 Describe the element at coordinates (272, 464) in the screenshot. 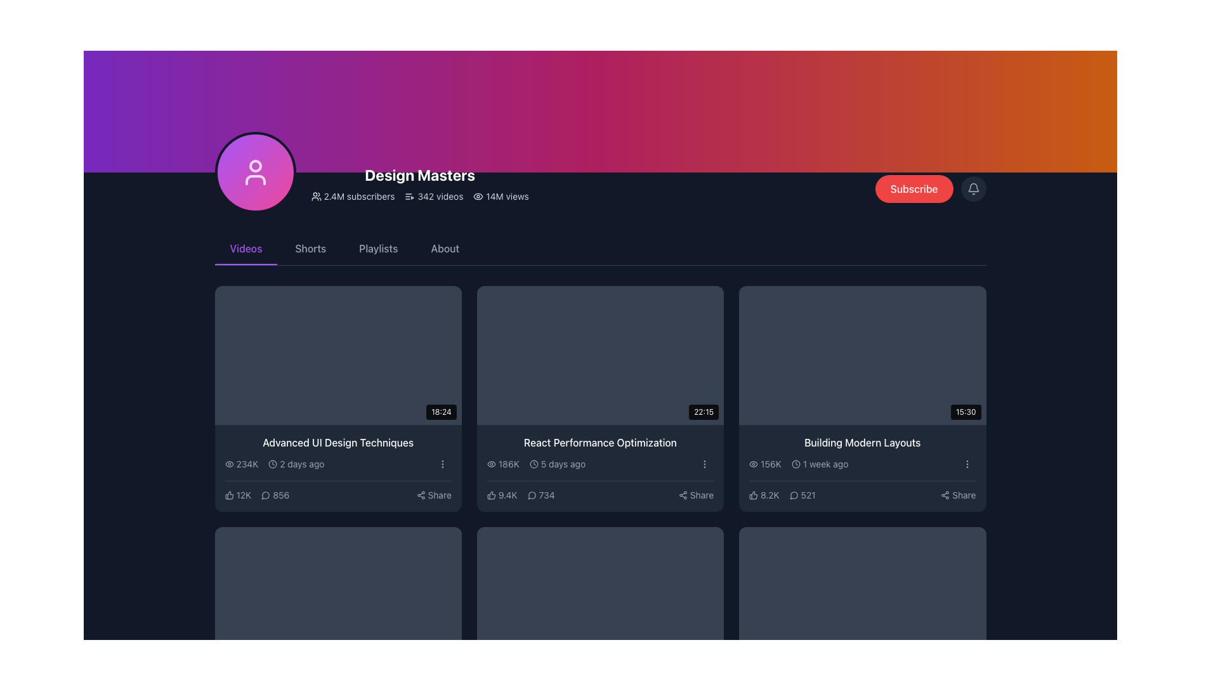

I see `properties of the circular graphical element within the clock icon located near the '2 days ago' text of the 'Advanced UI Design Techniques' video information card` at that location.